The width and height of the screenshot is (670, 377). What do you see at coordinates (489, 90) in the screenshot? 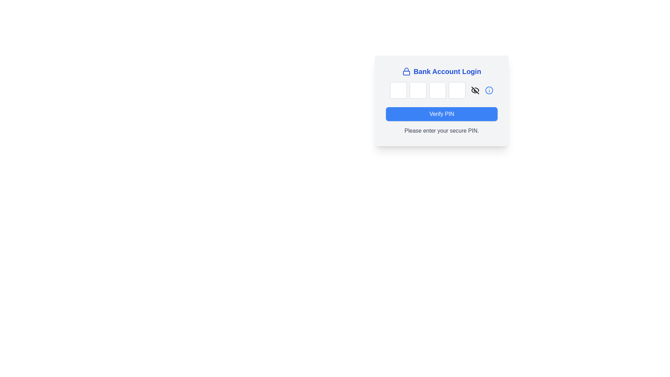
I see `the SVG Circle icon with a 10-unit radius located adjacent to PIN input fields` at bounding box center [489, 90].